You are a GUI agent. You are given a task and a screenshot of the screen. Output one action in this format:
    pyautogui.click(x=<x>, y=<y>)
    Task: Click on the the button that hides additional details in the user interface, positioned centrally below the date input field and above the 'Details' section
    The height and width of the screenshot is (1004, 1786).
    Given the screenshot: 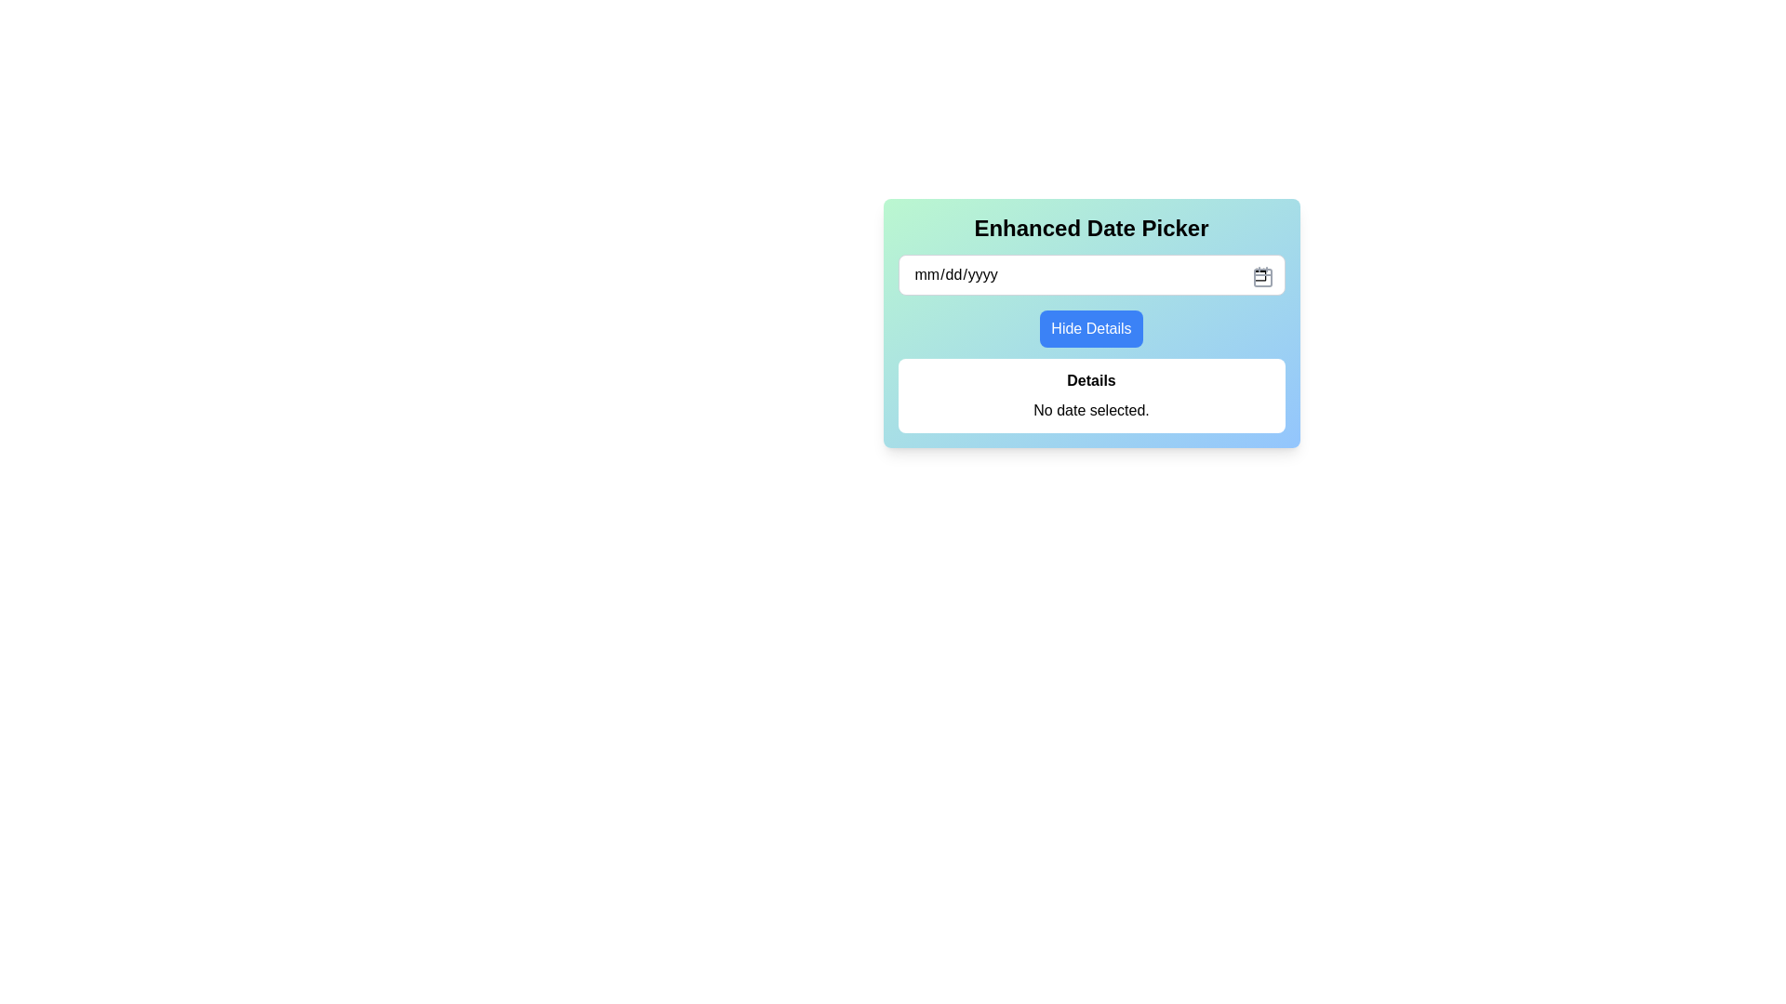 What is the action you would take?
    pyautogui.click(x=1091, y=322)
    